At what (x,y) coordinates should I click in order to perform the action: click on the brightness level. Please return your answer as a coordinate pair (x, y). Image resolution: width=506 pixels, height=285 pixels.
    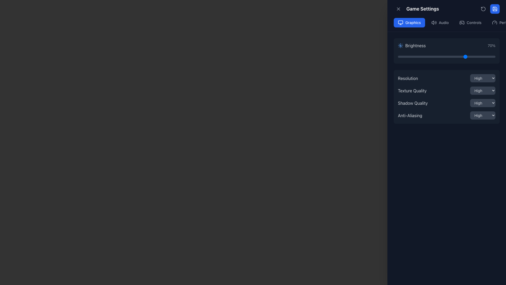
    Looking at the image, I should click on (477, 57).